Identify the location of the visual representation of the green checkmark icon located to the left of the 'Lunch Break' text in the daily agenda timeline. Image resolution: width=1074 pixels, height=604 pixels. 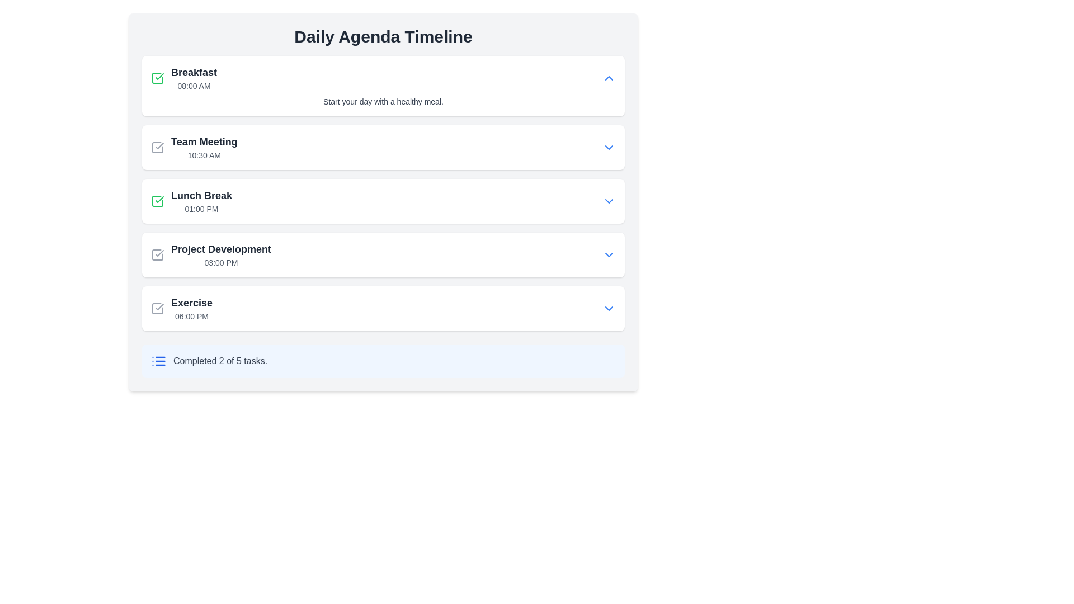
(159, 76).